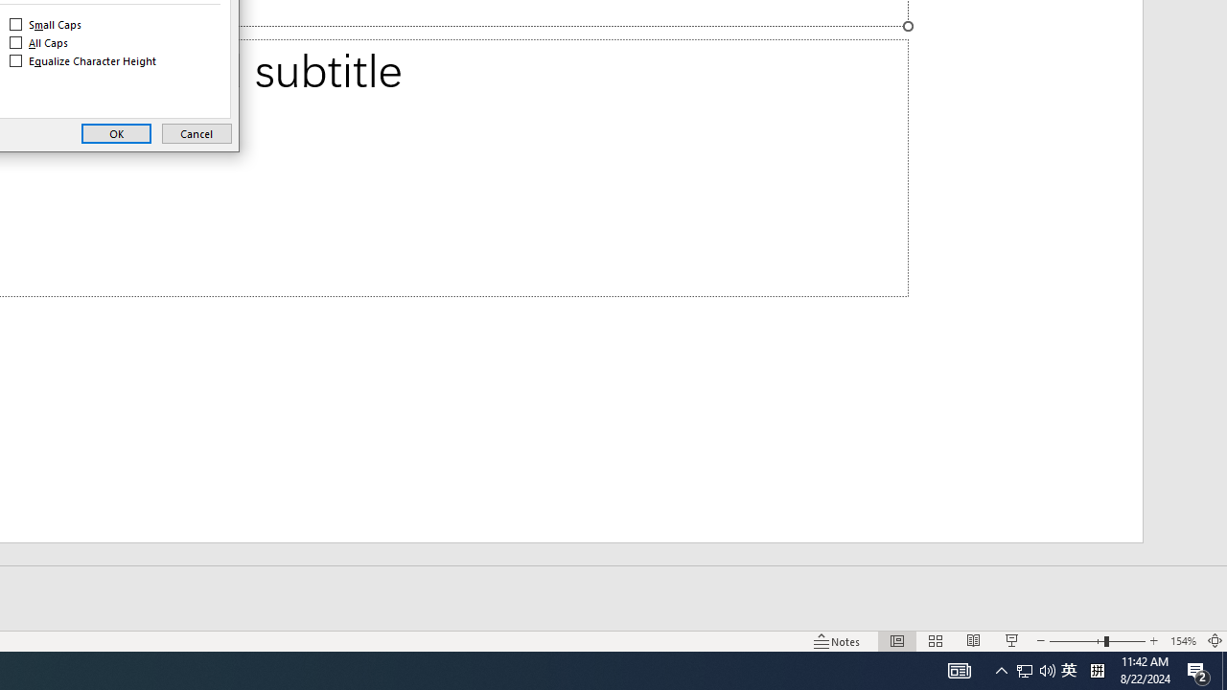  Describe the element at coordinates (39, 43) in the screenshot. I see `'All Caps'` at that location.